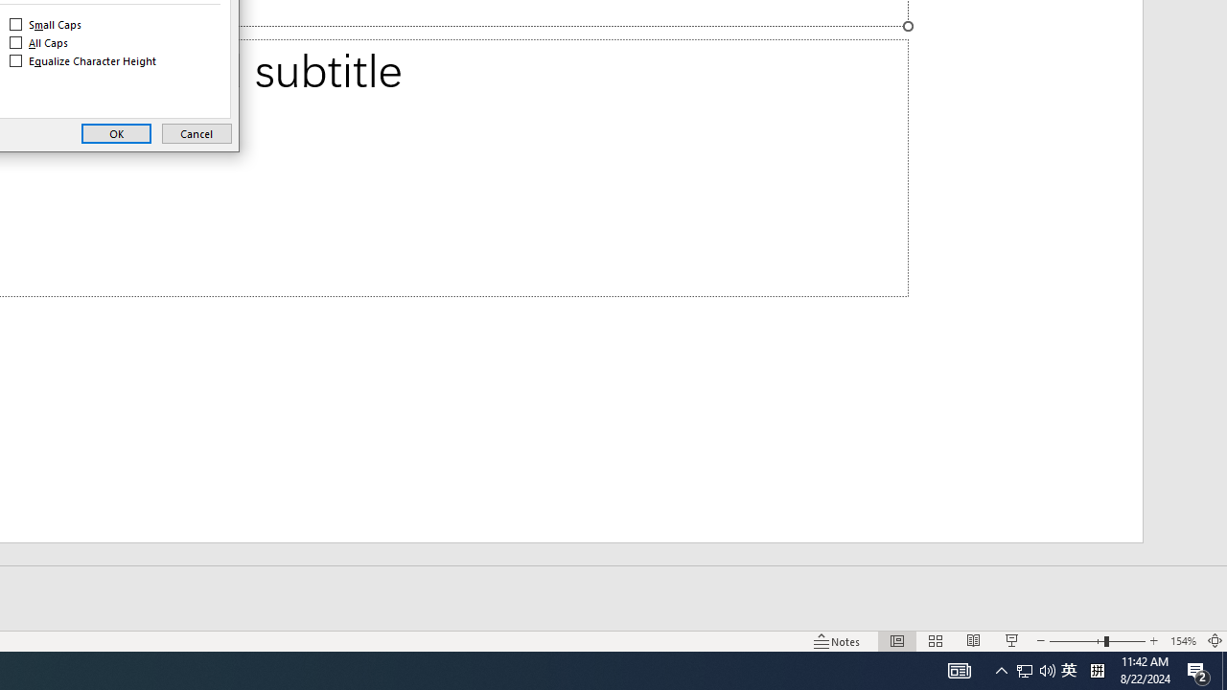  Describe the element at coordinates (39, 43) in the screenshot. I see `'All Caps'` at that location.